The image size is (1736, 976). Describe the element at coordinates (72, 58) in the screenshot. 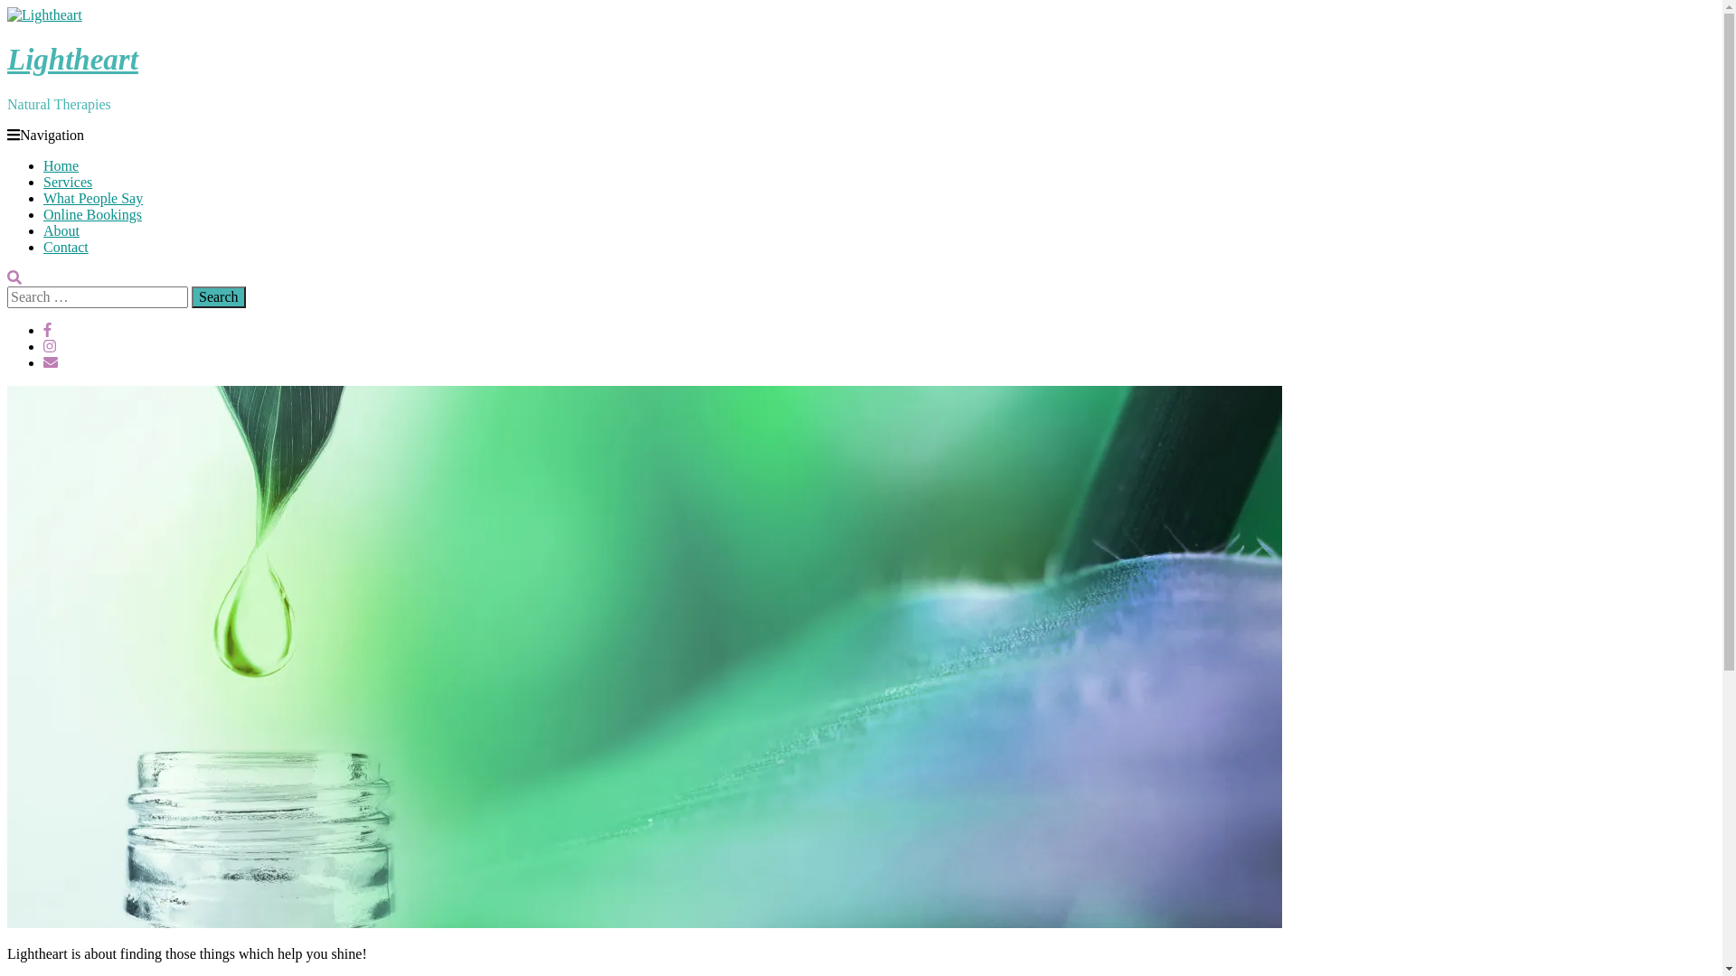

I see `'Lightheart'` at that location.